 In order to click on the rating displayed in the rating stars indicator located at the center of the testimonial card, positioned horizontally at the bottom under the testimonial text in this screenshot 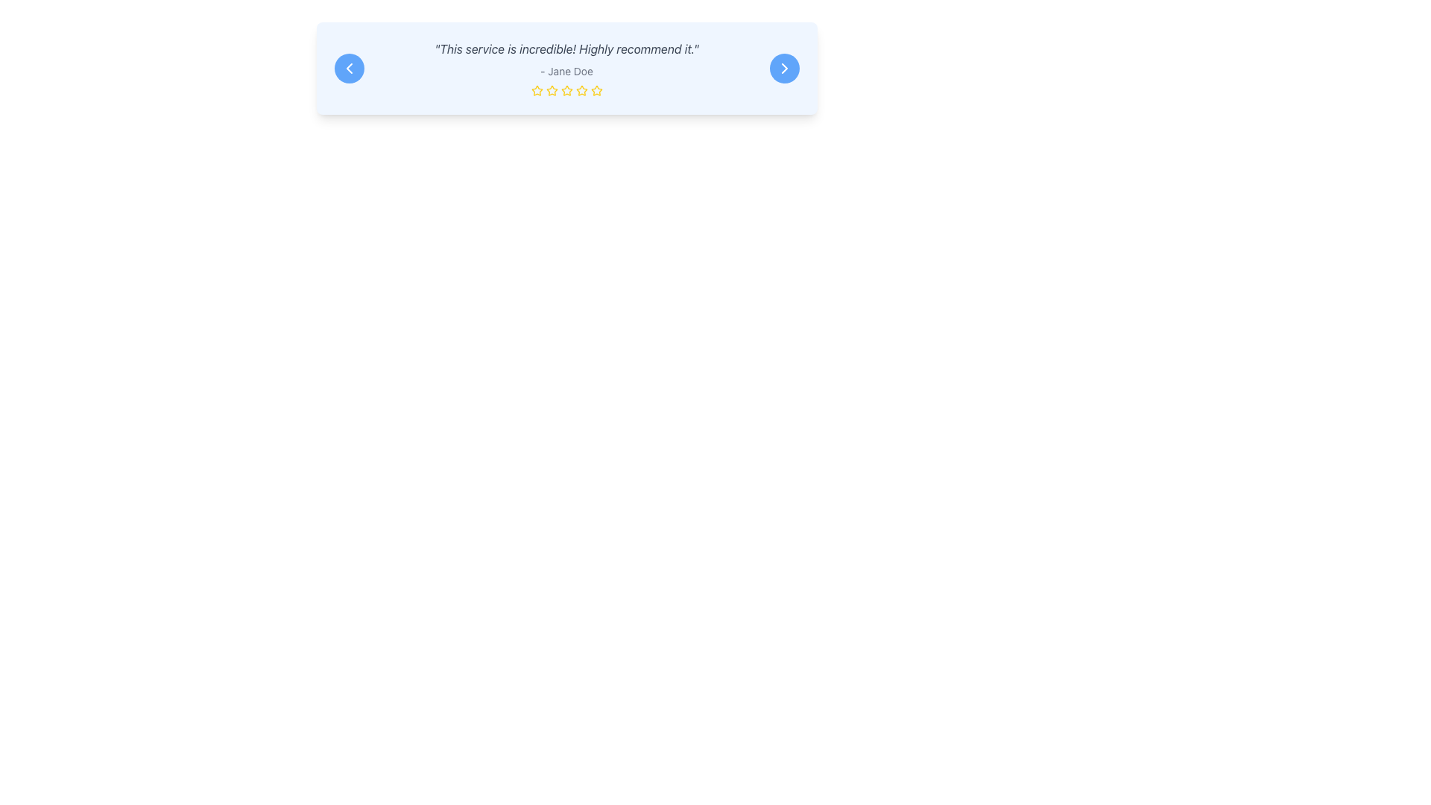, I will do `click(566, 91)`.